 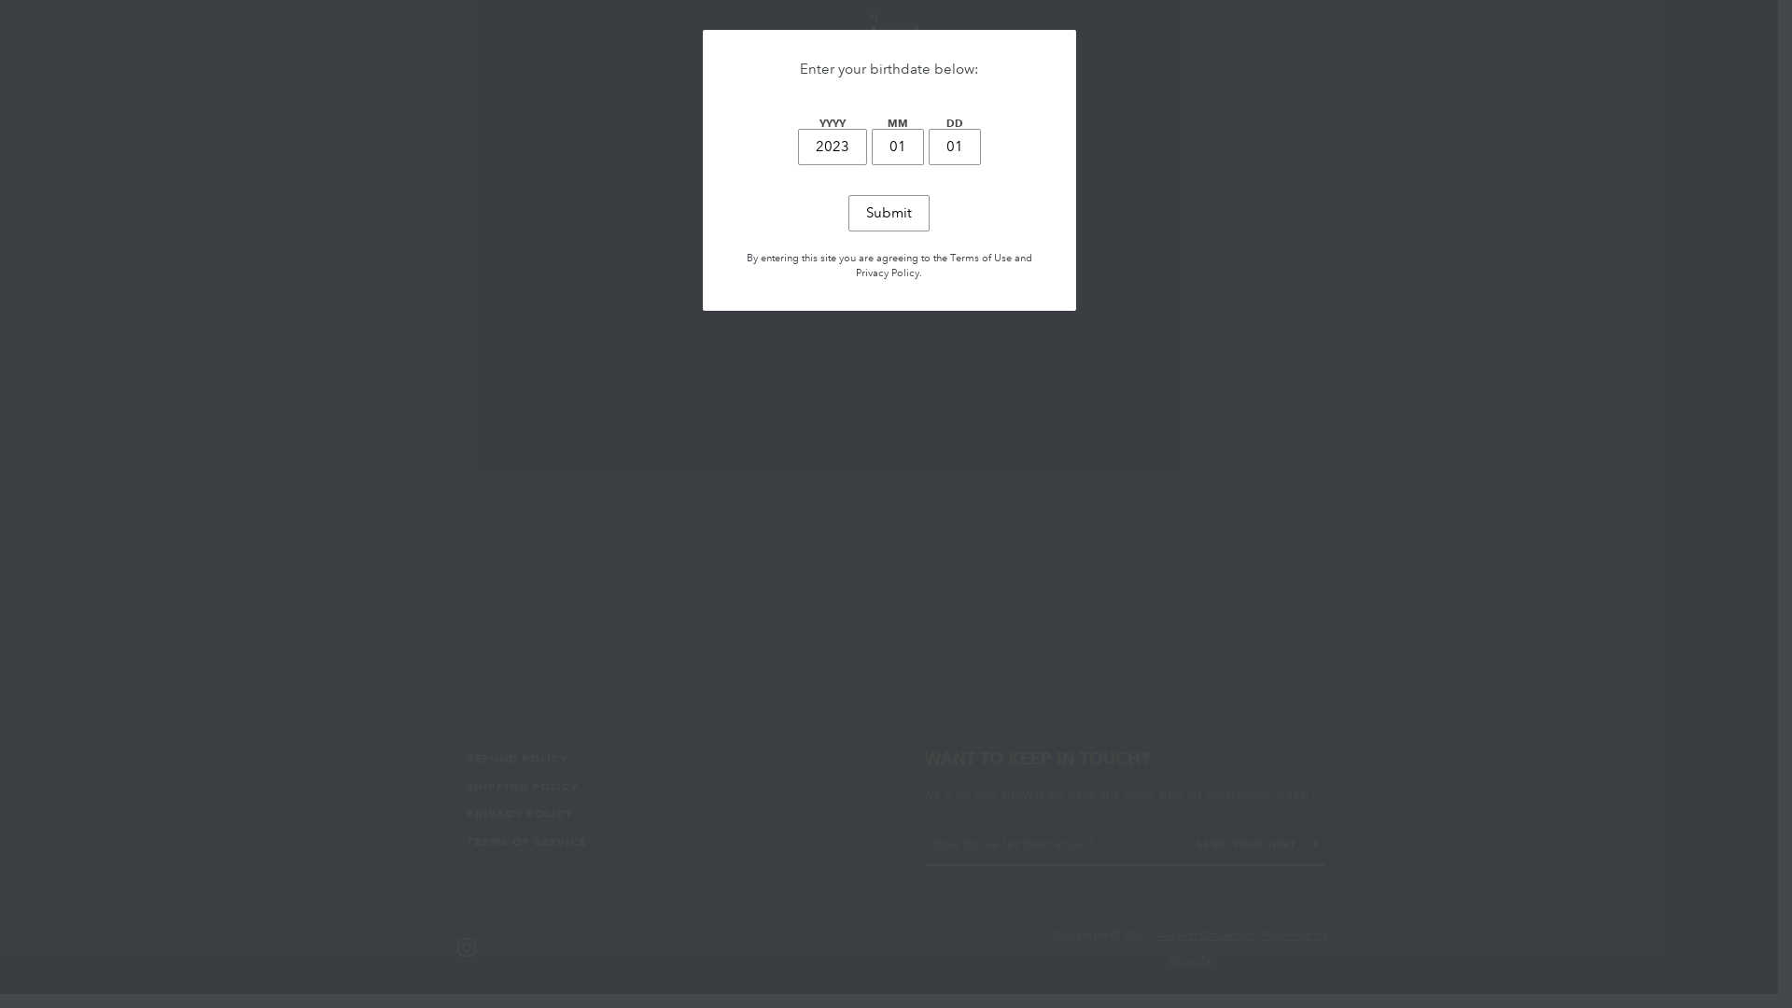 What do you see at coordinates (466, 841) in the screenshot?
I see `'TERMS OF SERVICE'` at bounding box center [466, 841].